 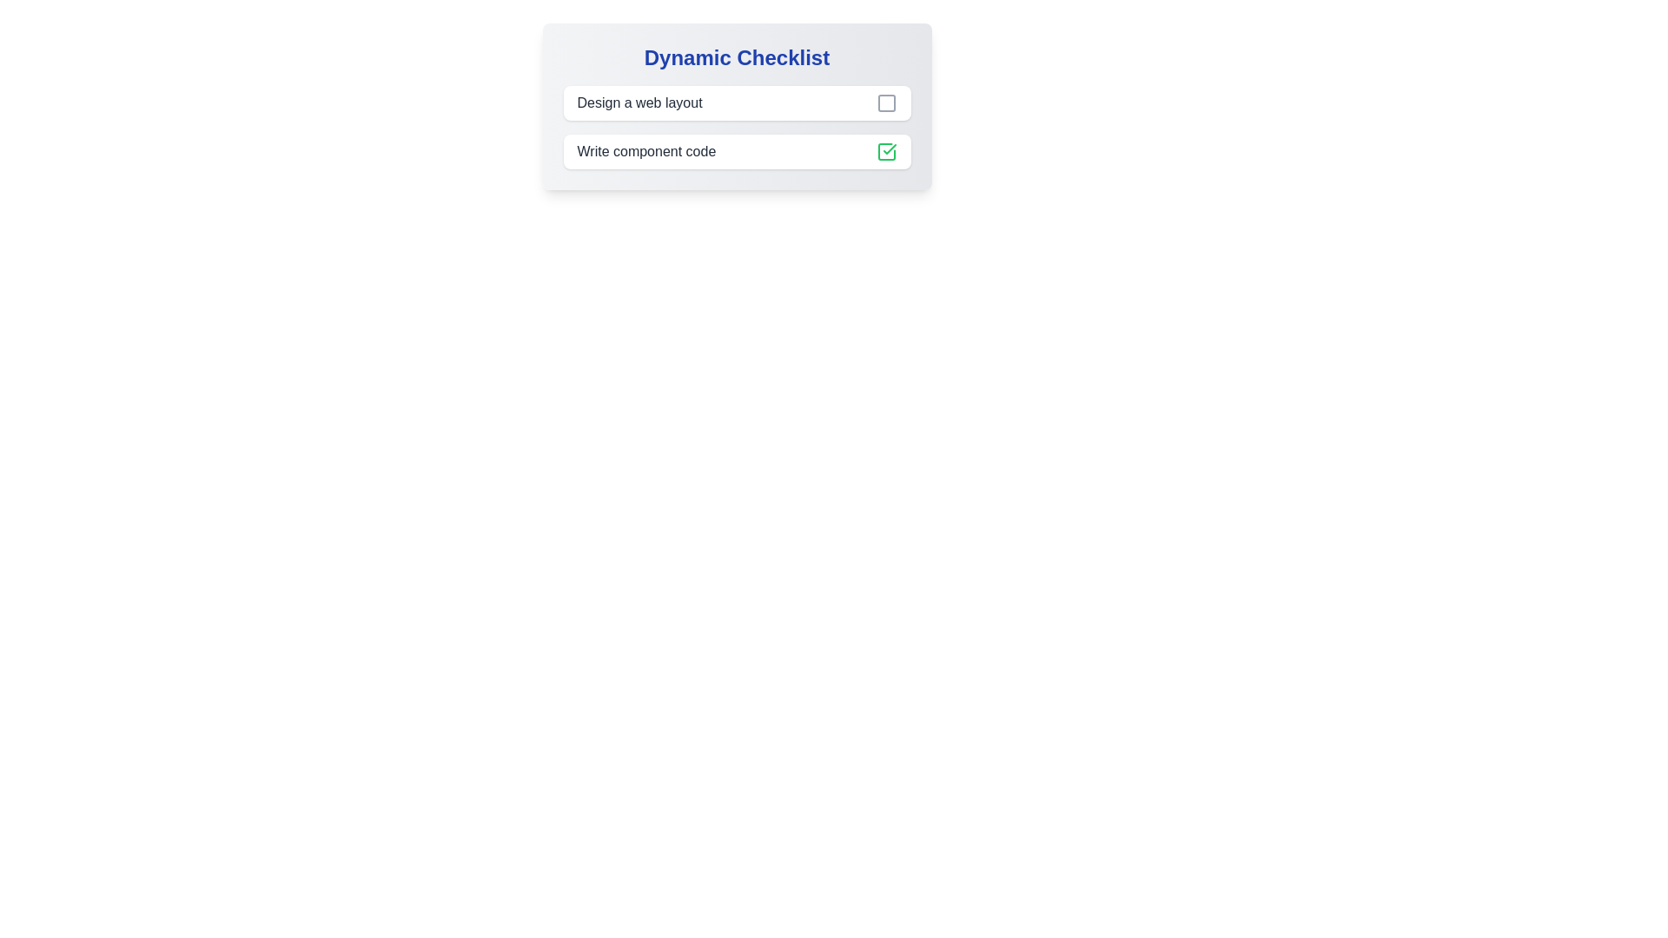 I want to click on the outlined shape of the checkbox icon, which indicates selection in a checklist, located to the right of the text 'Write component code', so click(x=886, y=150).